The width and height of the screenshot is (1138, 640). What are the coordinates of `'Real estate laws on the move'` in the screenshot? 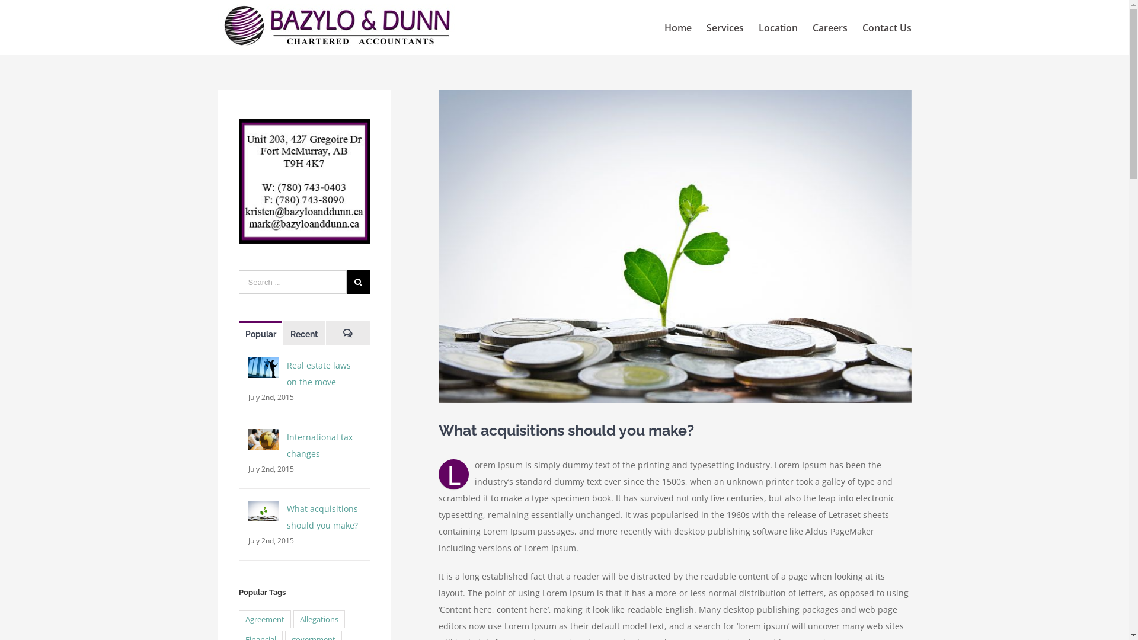 It's located at (318, 373).